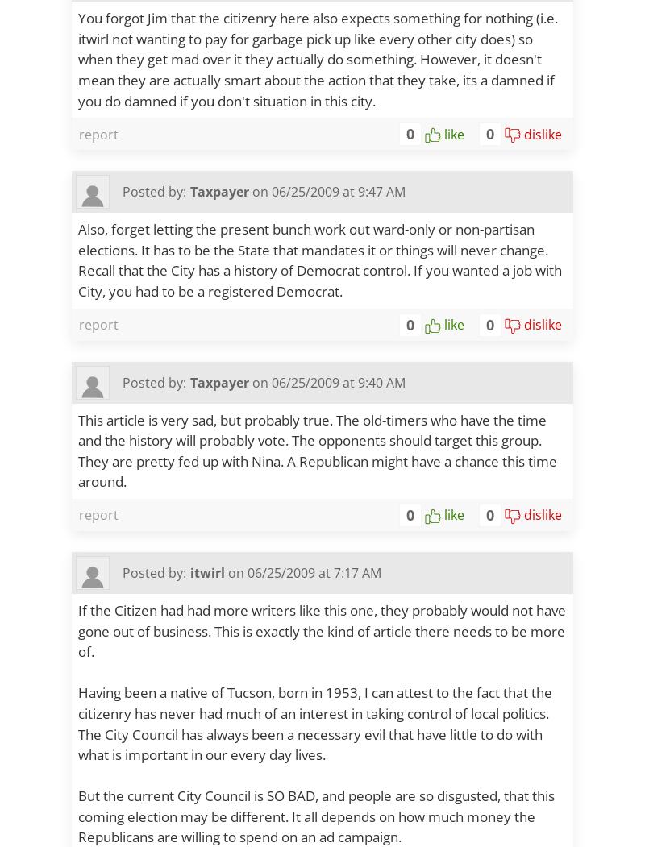 The width and height of the screenshot is (645, 847). Describe the element at coordinates (315, 815) in the screenshot. I see `'But the current City Council is SO BAD, and people are so disgusted, that this coming election may be different.  It all depends on how much money the Republicans are willing to spend on an ad campaign.'` at that location.